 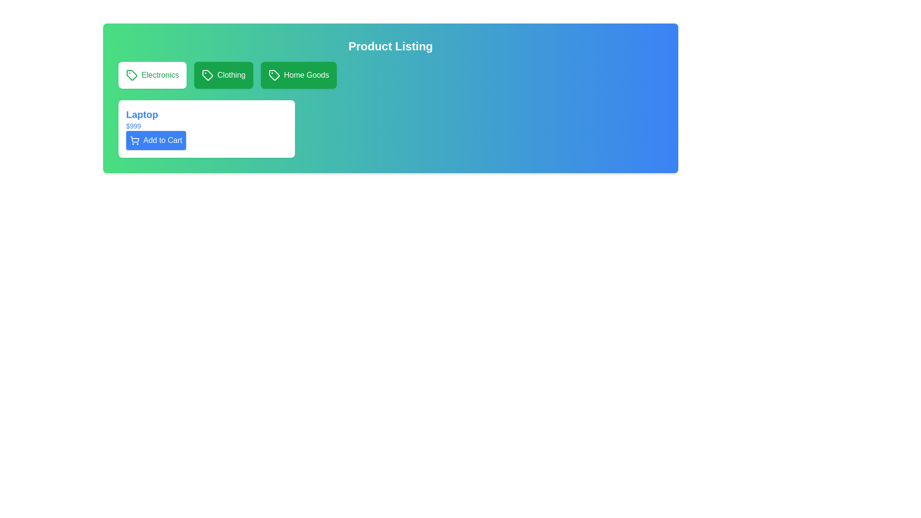 I want to click on the tag icon part of the green 'Clothing' button, which is the second button in a row of three buttons near the top-left corner of the interface, so click(x=207, y=75).